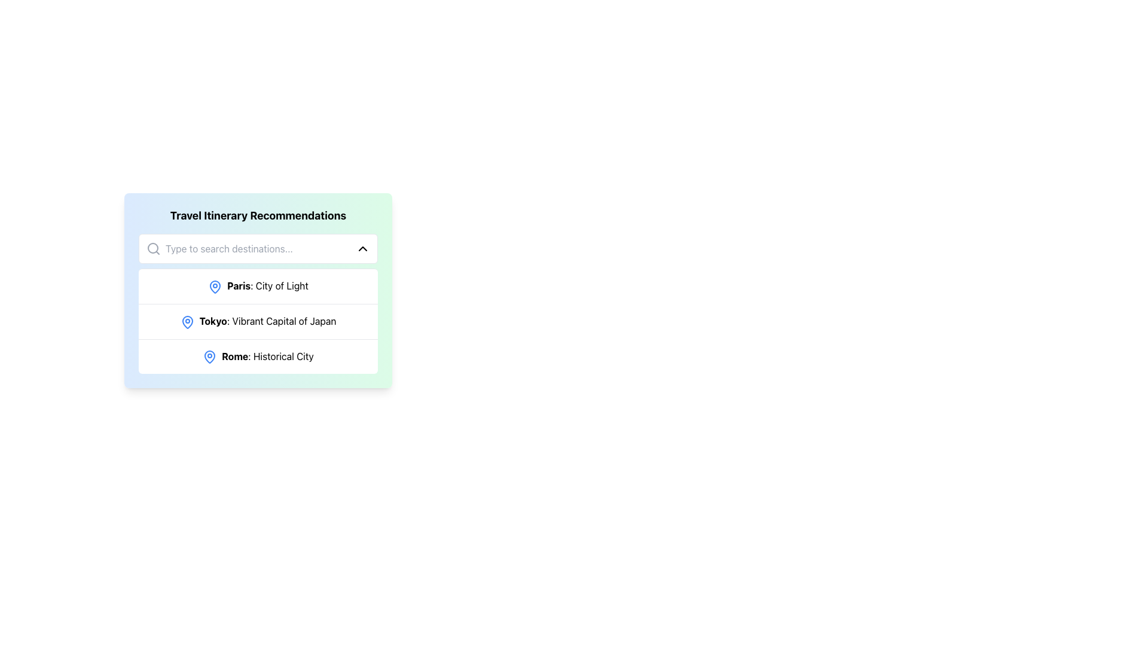 This screenshot has height=646, width=1148. Describe the element at coordinates (213, 320) in the screenshot. I see `text content of the text label displaying 'Tokyo' in bold, black font, which is the second item in the travel itinerary recommendation list` at that location.